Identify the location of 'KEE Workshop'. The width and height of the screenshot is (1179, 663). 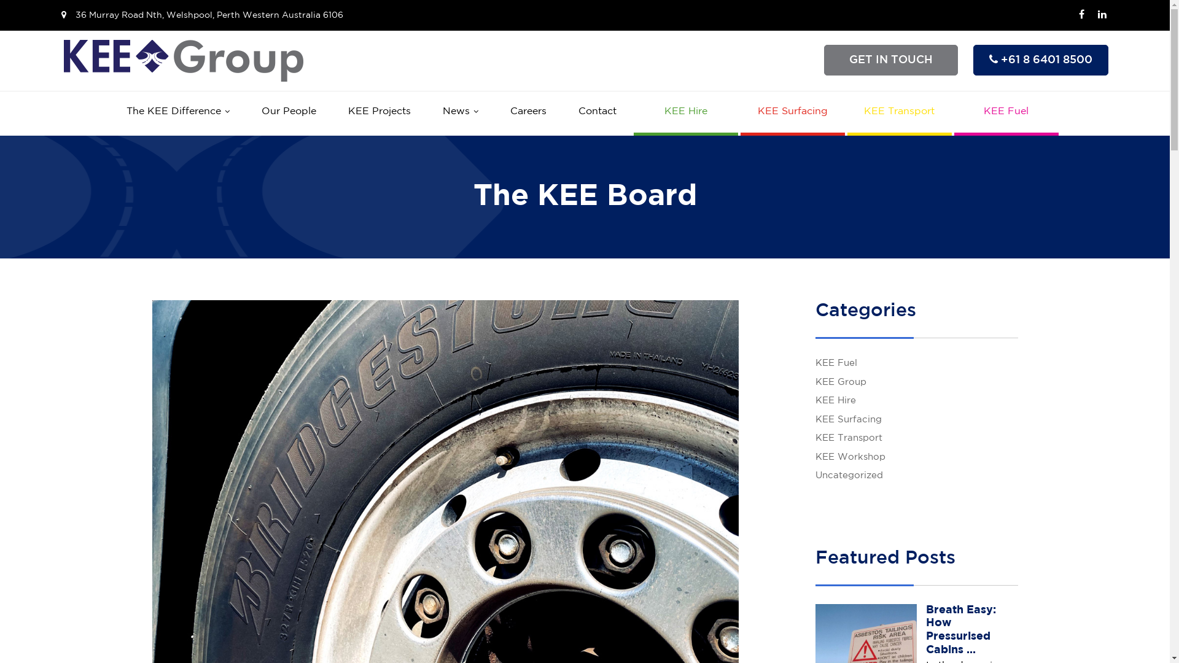
(815, 457).